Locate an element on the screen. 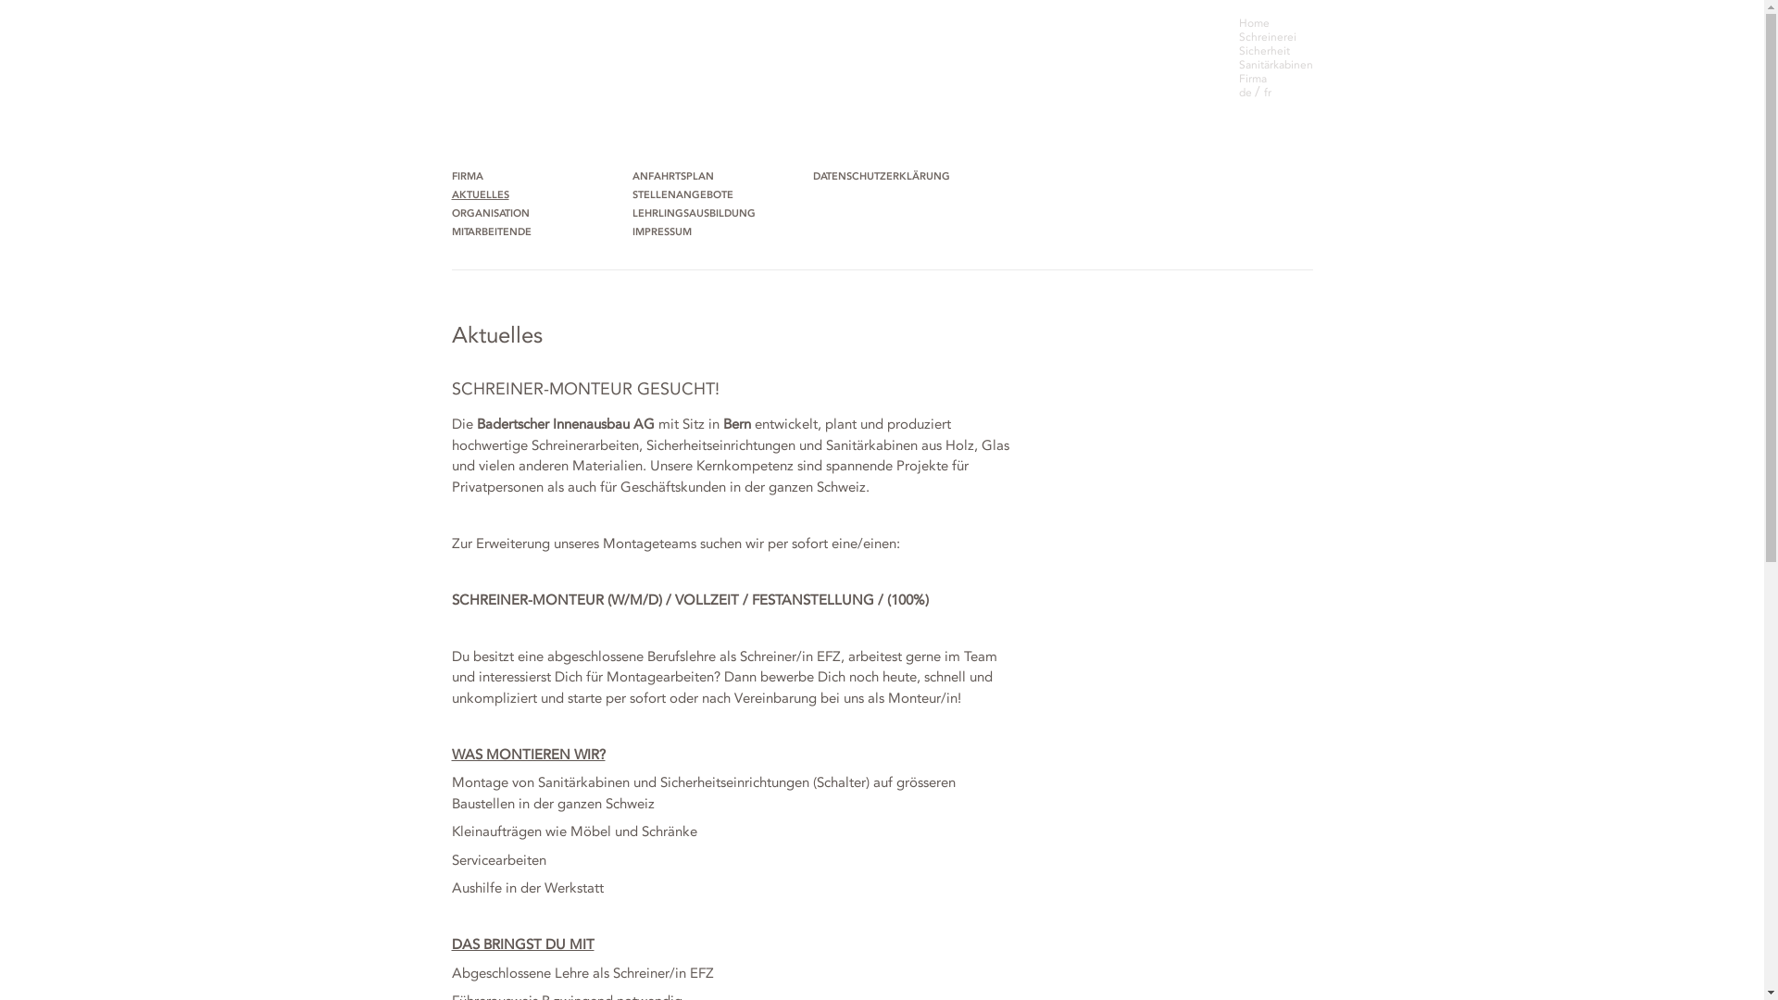 The width and height of the screenshot is (1778, 1000). 'Home' is located at coordinates (1254, 22).